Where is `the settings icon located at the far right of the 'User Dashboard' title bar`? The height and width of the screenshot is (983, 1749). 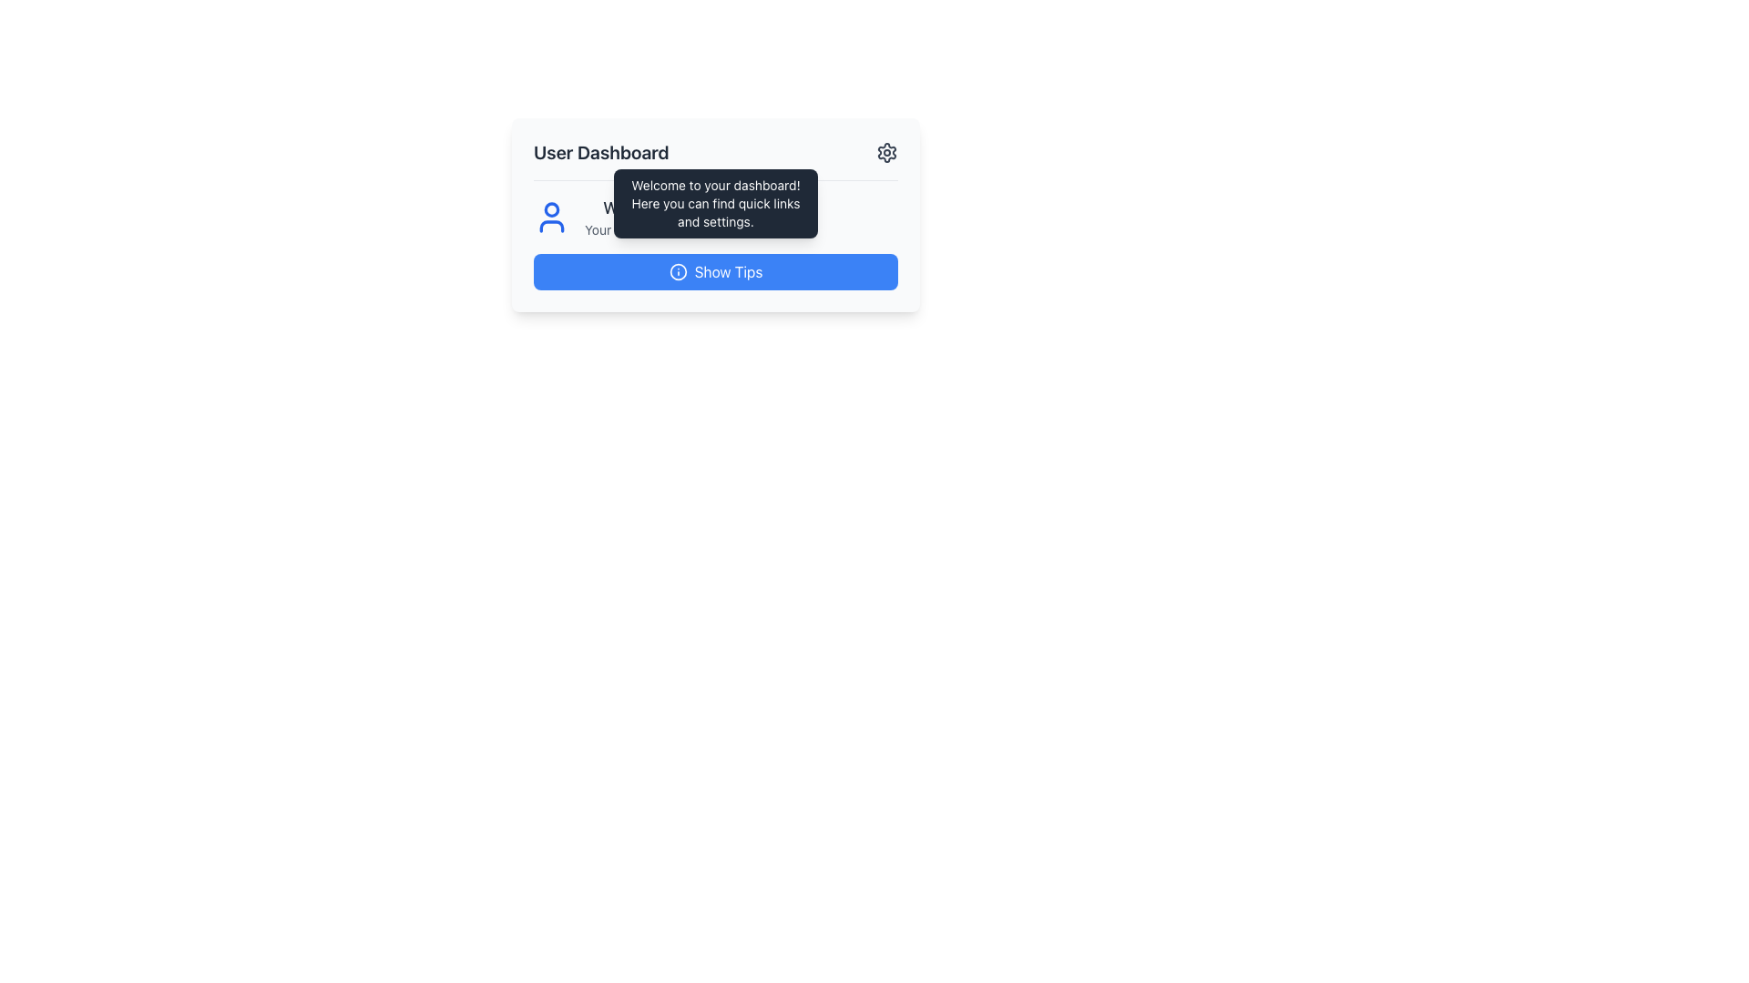 the settings icon located at the far right of the 'User Dashboard' title bar is located at coordinates (887, 152).